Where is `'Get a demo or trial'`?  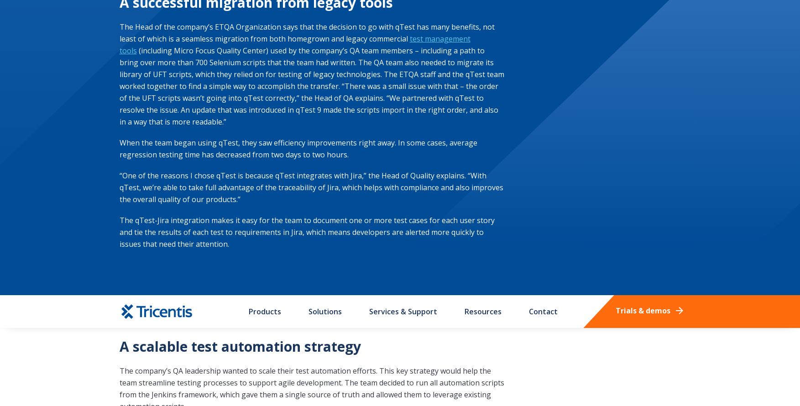 'Get a demo or trial' is located at coordinates (592, 55).